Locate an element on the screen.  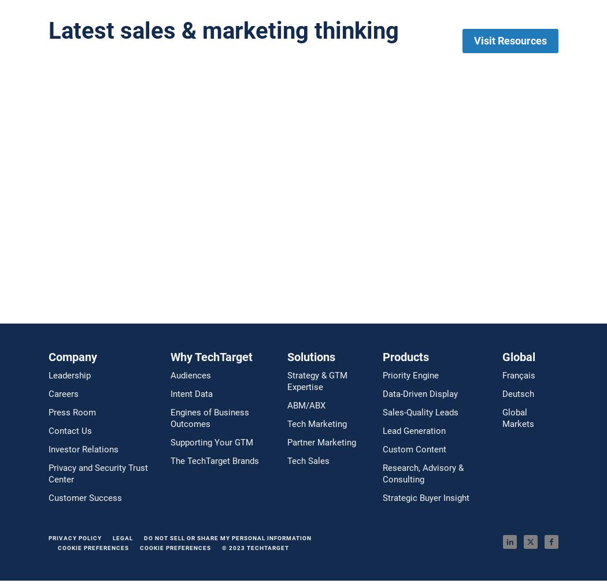
'Contact Us' is located at coordinates (69, 431).